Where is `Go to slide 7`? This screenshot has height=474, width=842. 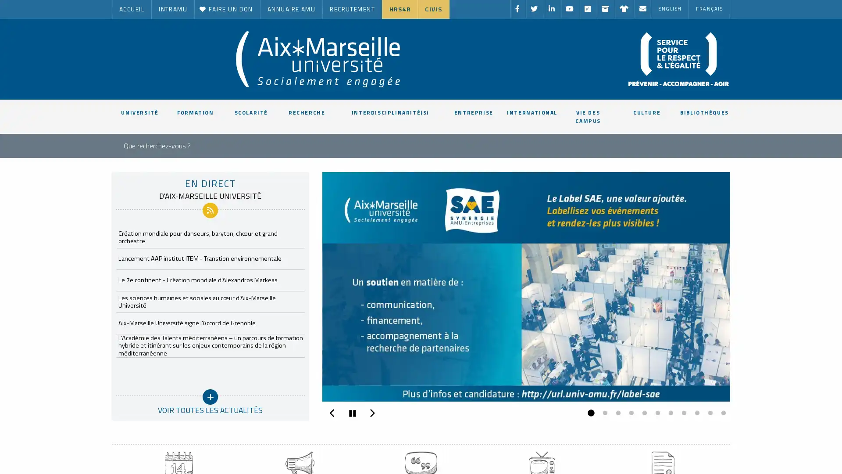
Go to slide 7 is located at coordinates (668, 413).